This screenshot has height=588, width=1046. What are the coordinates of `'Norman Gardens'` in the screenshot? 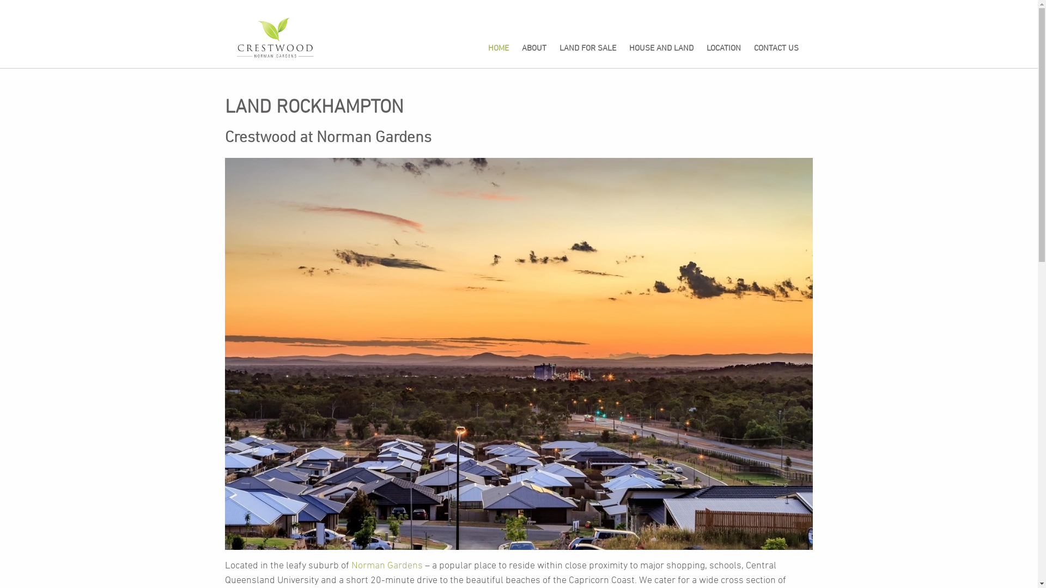 It's located at (387, 565).